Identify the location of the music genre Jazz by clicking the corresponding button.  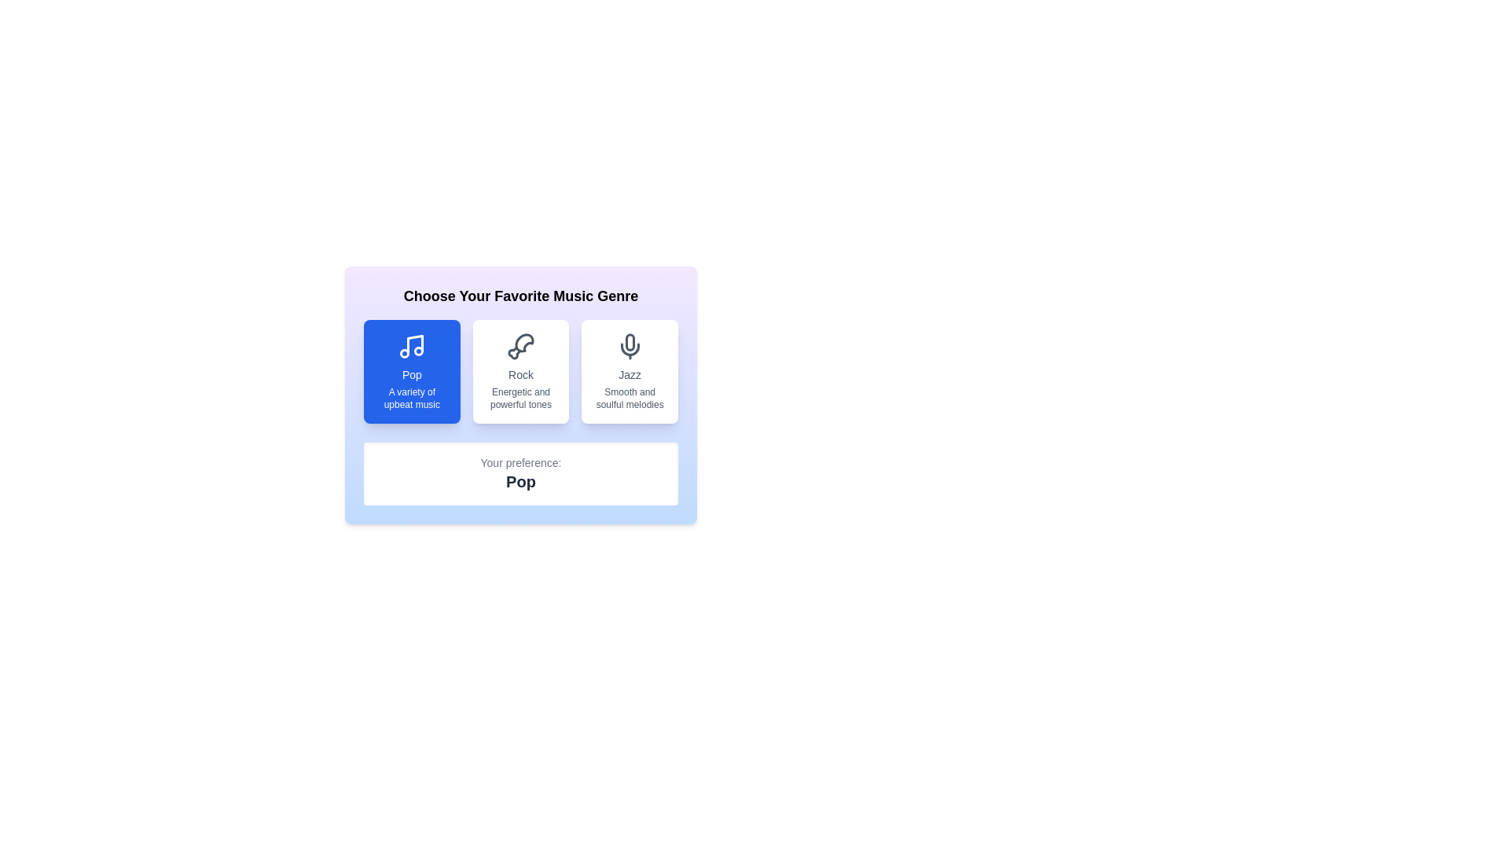
(630, 372).